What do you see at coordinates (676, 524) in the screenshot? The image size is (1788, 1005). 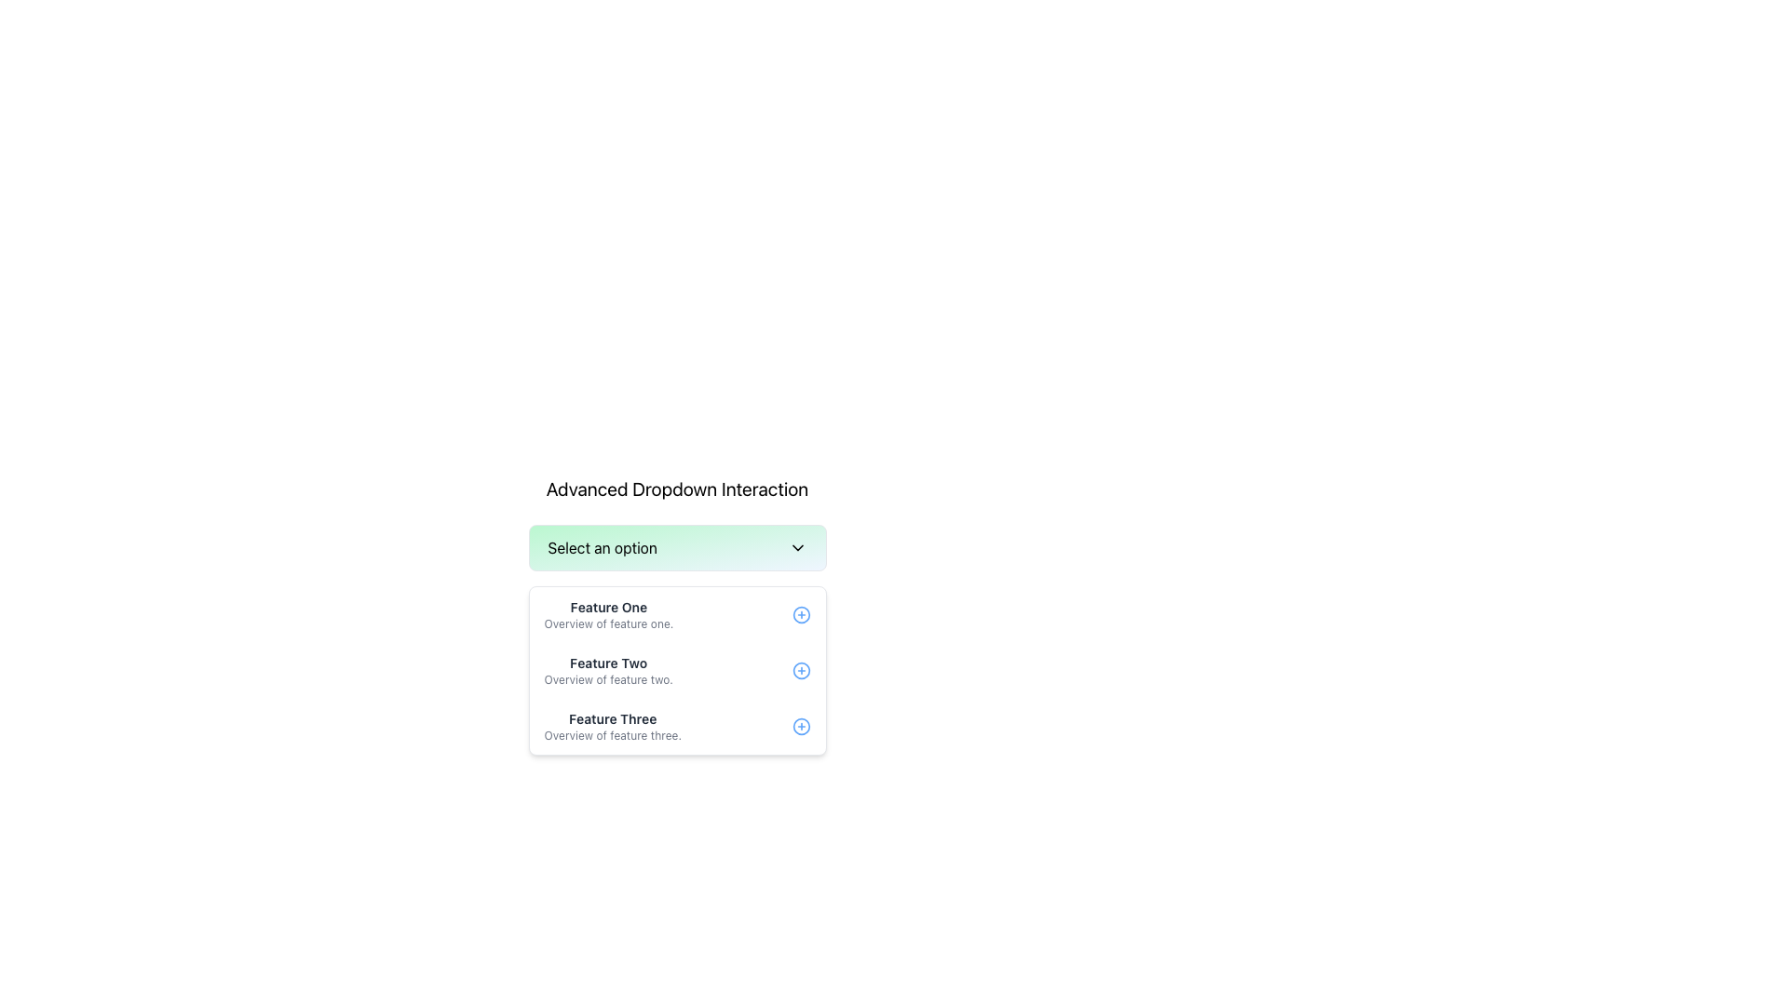 I see `the dropdown menu located below the heading 'Advanced Dropdown Interaction'` at bounding box center [676, 524].